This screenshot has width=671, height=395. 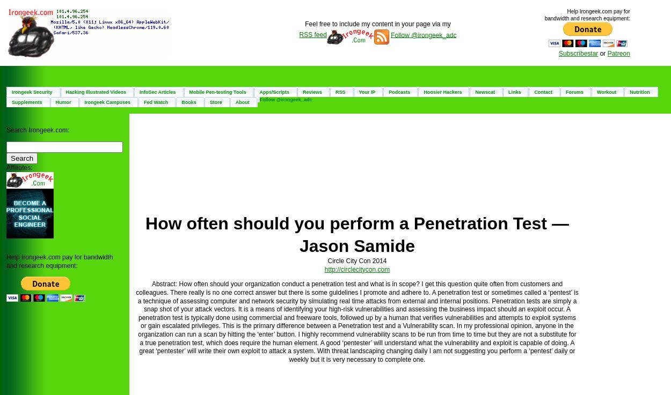 What do you see at coordinates (59, 261) in the screenshot?
I see `'Help Irongeek.com pay for bandwidth and research equipment:'` at bounding box center [59, 261].